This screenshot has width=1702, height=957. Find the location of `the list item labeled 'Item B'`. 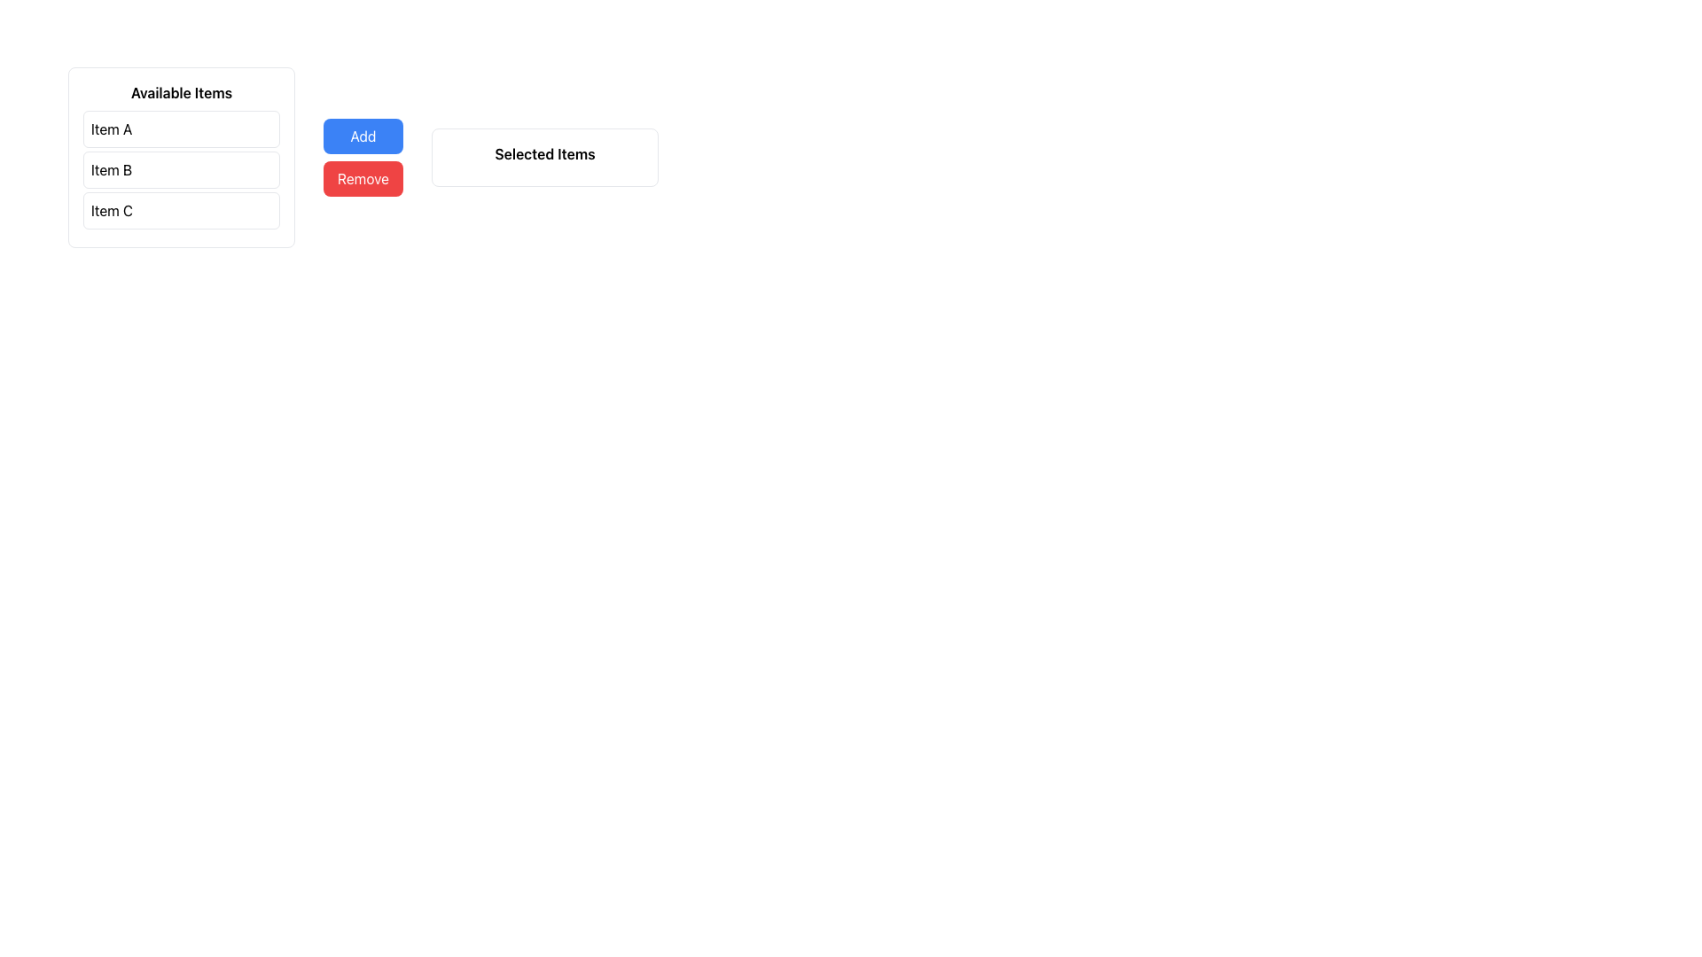

the list item labeled 'Item B' is located at coordinates (182, 170).